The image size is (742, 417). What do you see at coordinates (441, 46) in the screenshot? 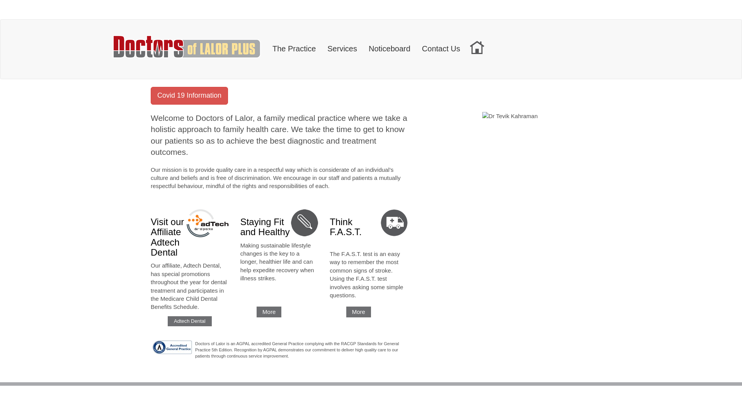
I see `'Contact Us'` at bounding box center [441, 46].